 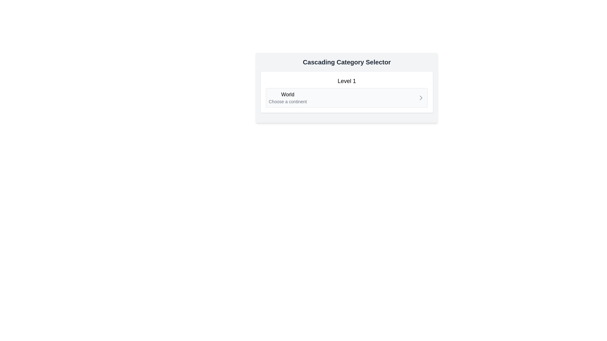 What do you see at coordinates (346, 81) in the screenshot?
I see `static text label that displays 'Level 1', which is located at the top center of a bordered white box, above the 'World' section` at bounding box center [346, 81].